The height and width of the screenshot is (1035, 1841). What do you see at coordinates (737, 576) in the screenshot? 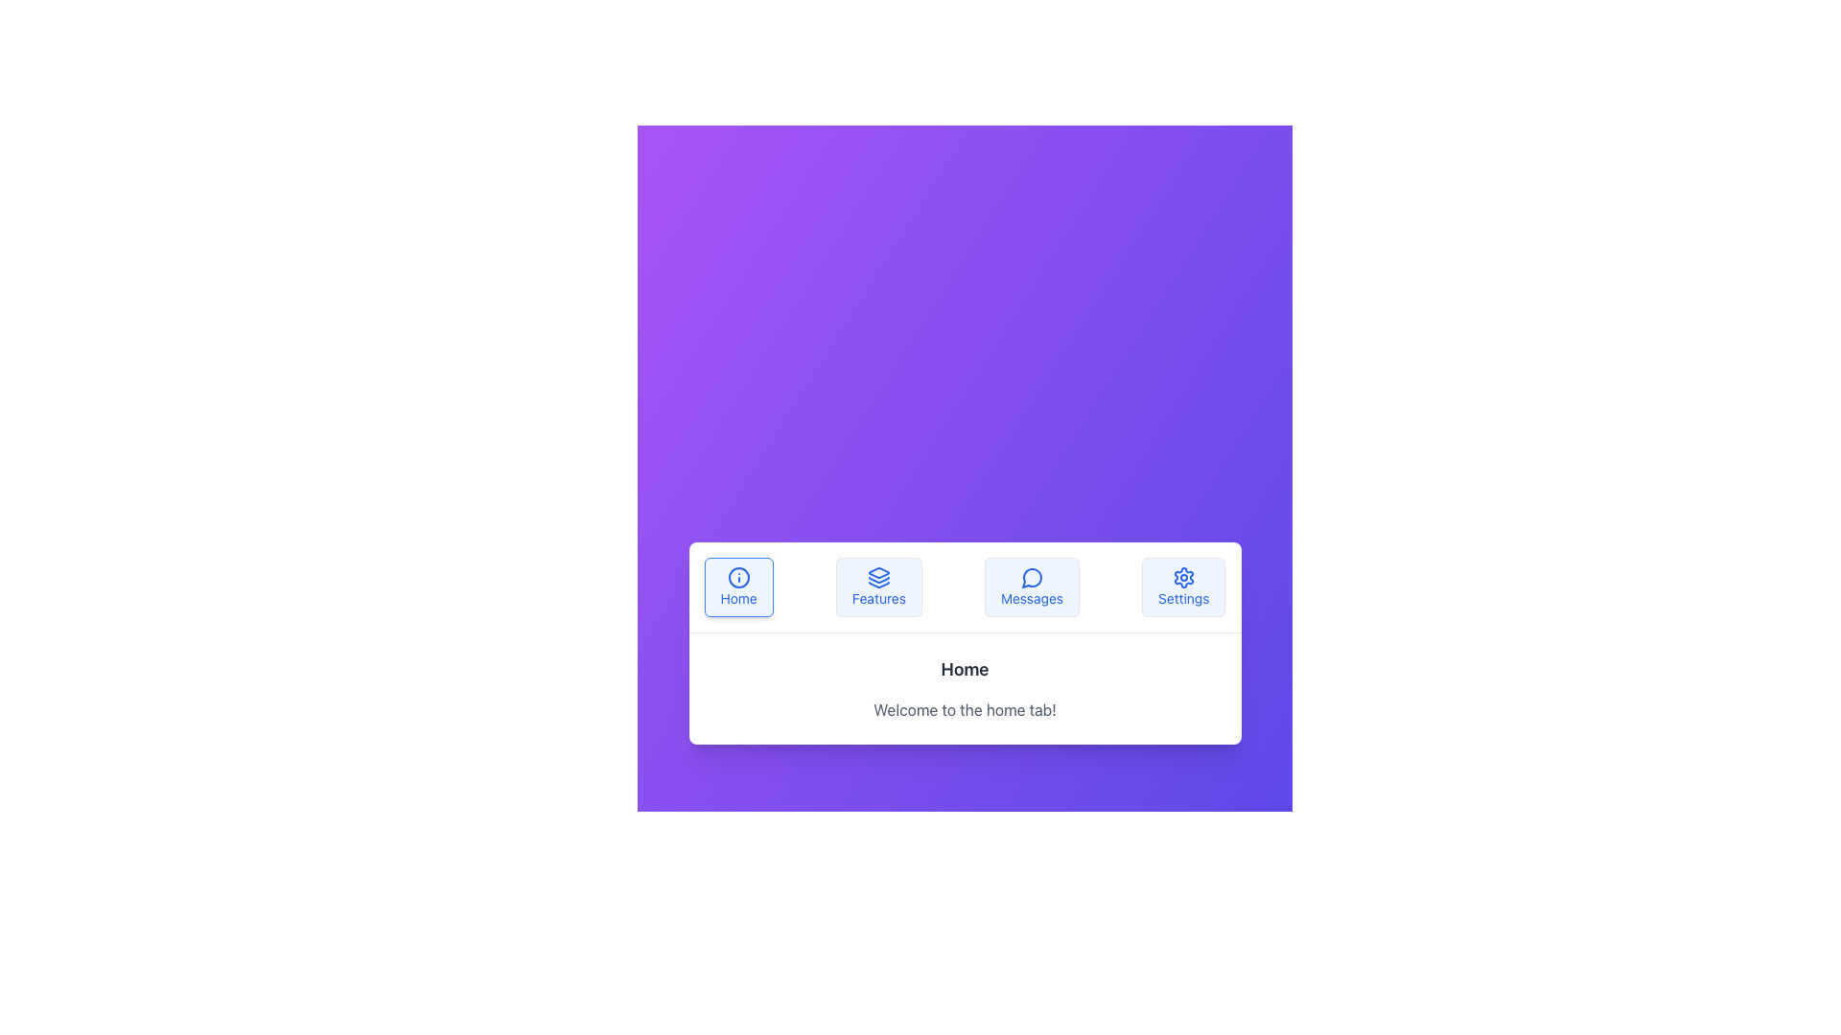
I see `the 'Home' icon in the navigation menu` at bounding box center [737, 576].